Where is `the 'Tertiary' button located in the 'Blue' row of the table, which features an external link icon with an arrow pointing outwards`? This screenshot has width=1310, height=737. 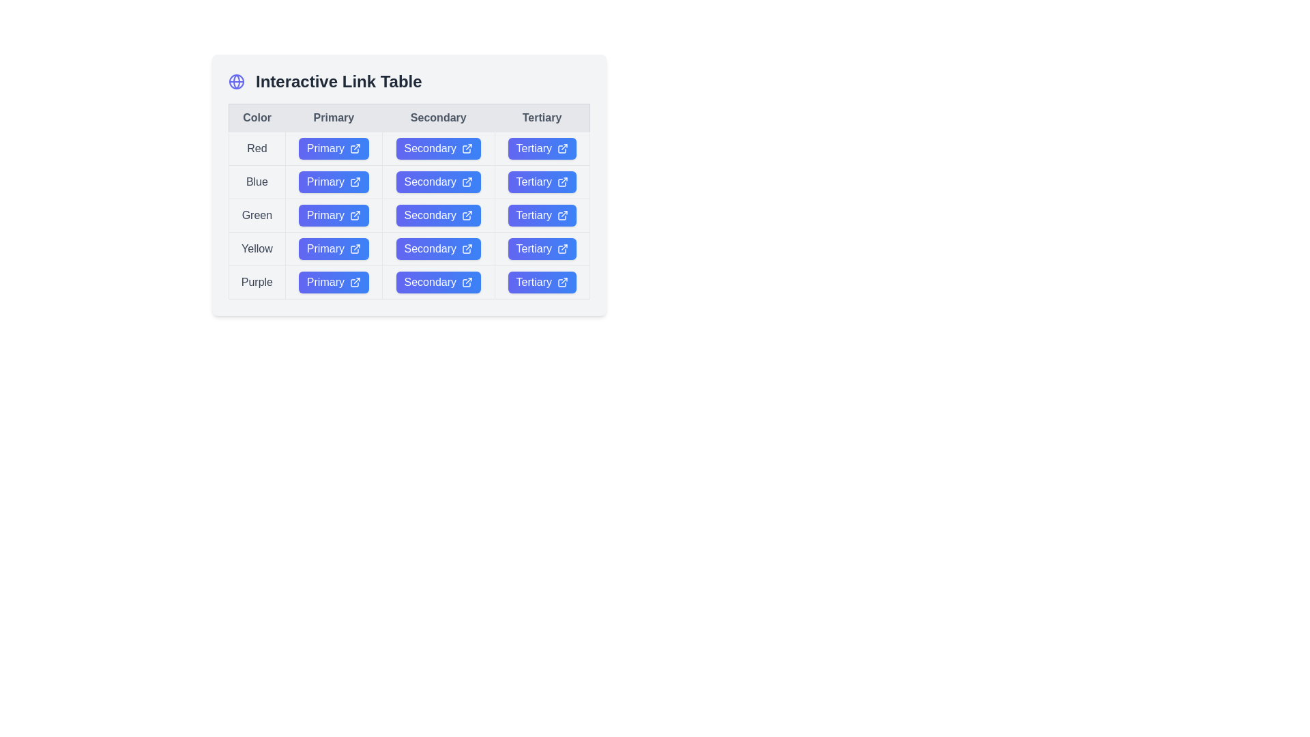 the 'Tertiary' button located in the 'Blue' row of the table, which features an external link icon with an arrow pointing outwards is located at coordinates (563, 181).